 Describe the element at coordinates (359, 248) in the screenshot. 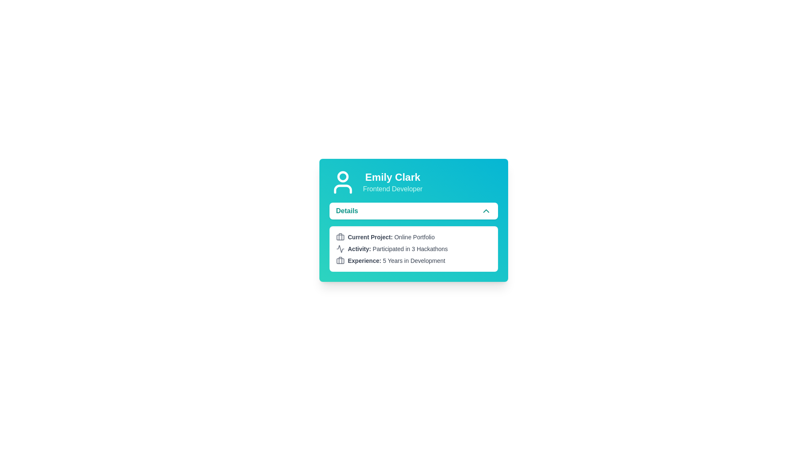

I see `the textual label reading 'Activity:' located in the detail section of the user profile, which is styled in a smaller font size and is the leftmost part of the line of text followed by 'Participated in 3 Hackathons'` at that location.